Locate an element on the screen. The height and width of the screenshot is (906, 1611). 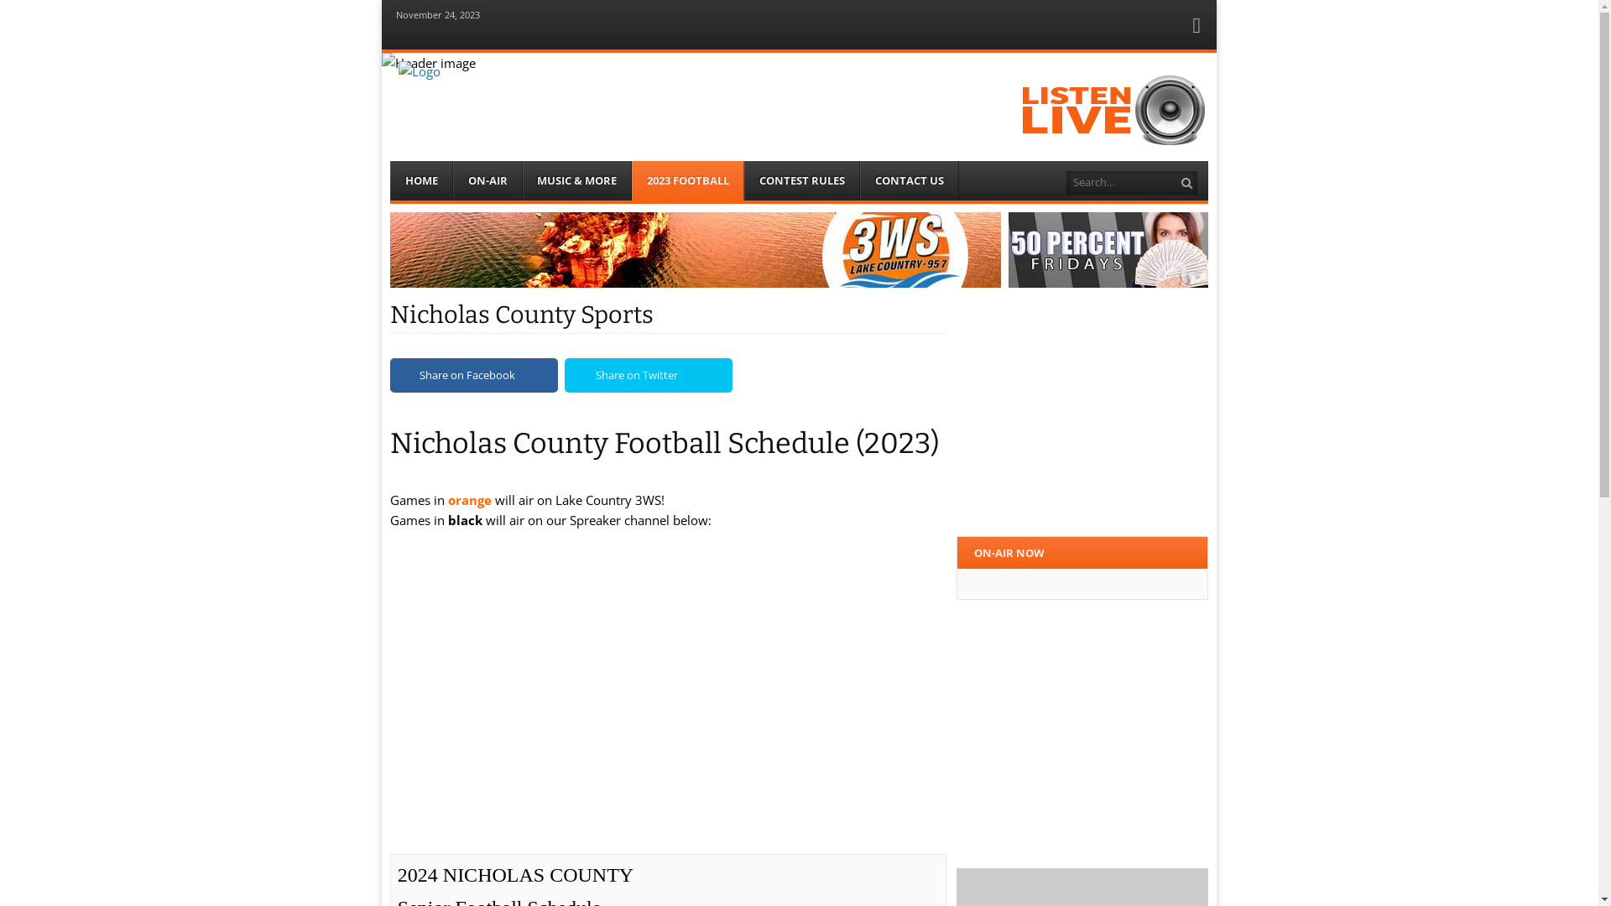
'Facebook' is located at coordinates (1196, 29).